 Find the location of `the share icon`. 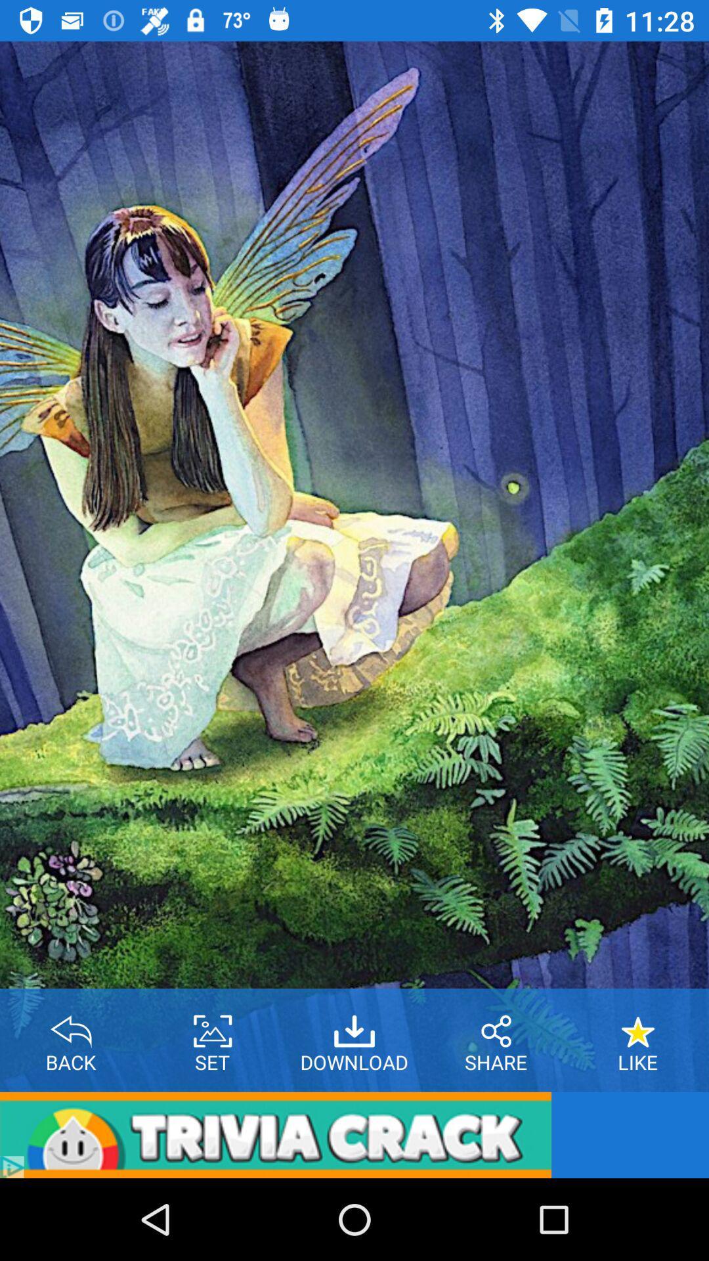

the share icon is located at coordinates (496, 1026).